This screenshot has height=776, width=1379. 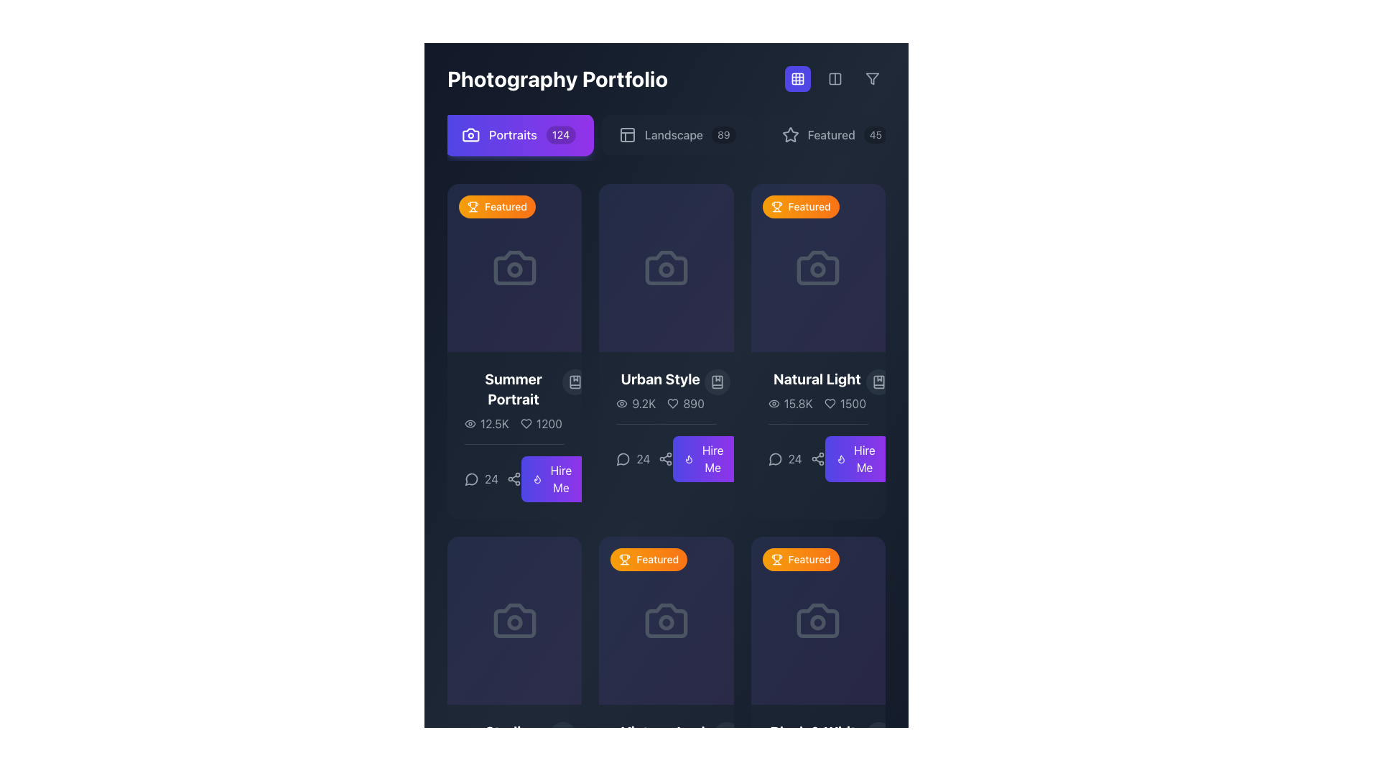 What do you see at coordinates (672, 404) in the screenshot?
I see `the heart-shaped icon located to the left of the text '890' in the second card of the top row to like or favorite the associated content` at bounding box center [672, 404].